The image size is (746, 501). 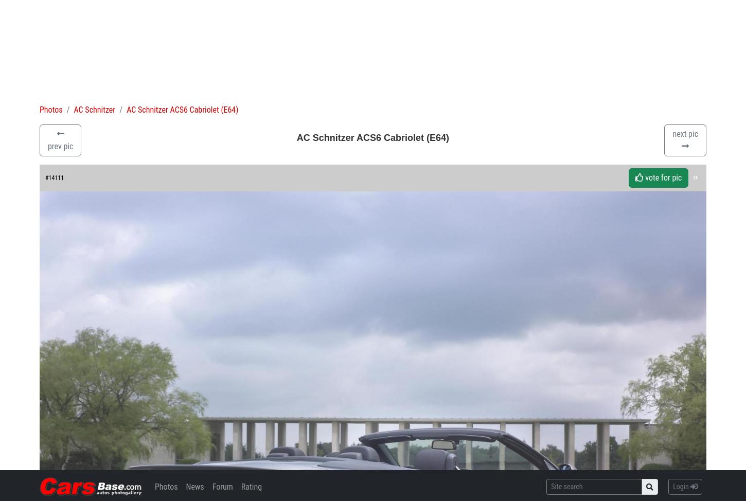 What do you see at coordinates (76, 412) in the screenshot?
I see `'76'` at bounding box center [76, 412].